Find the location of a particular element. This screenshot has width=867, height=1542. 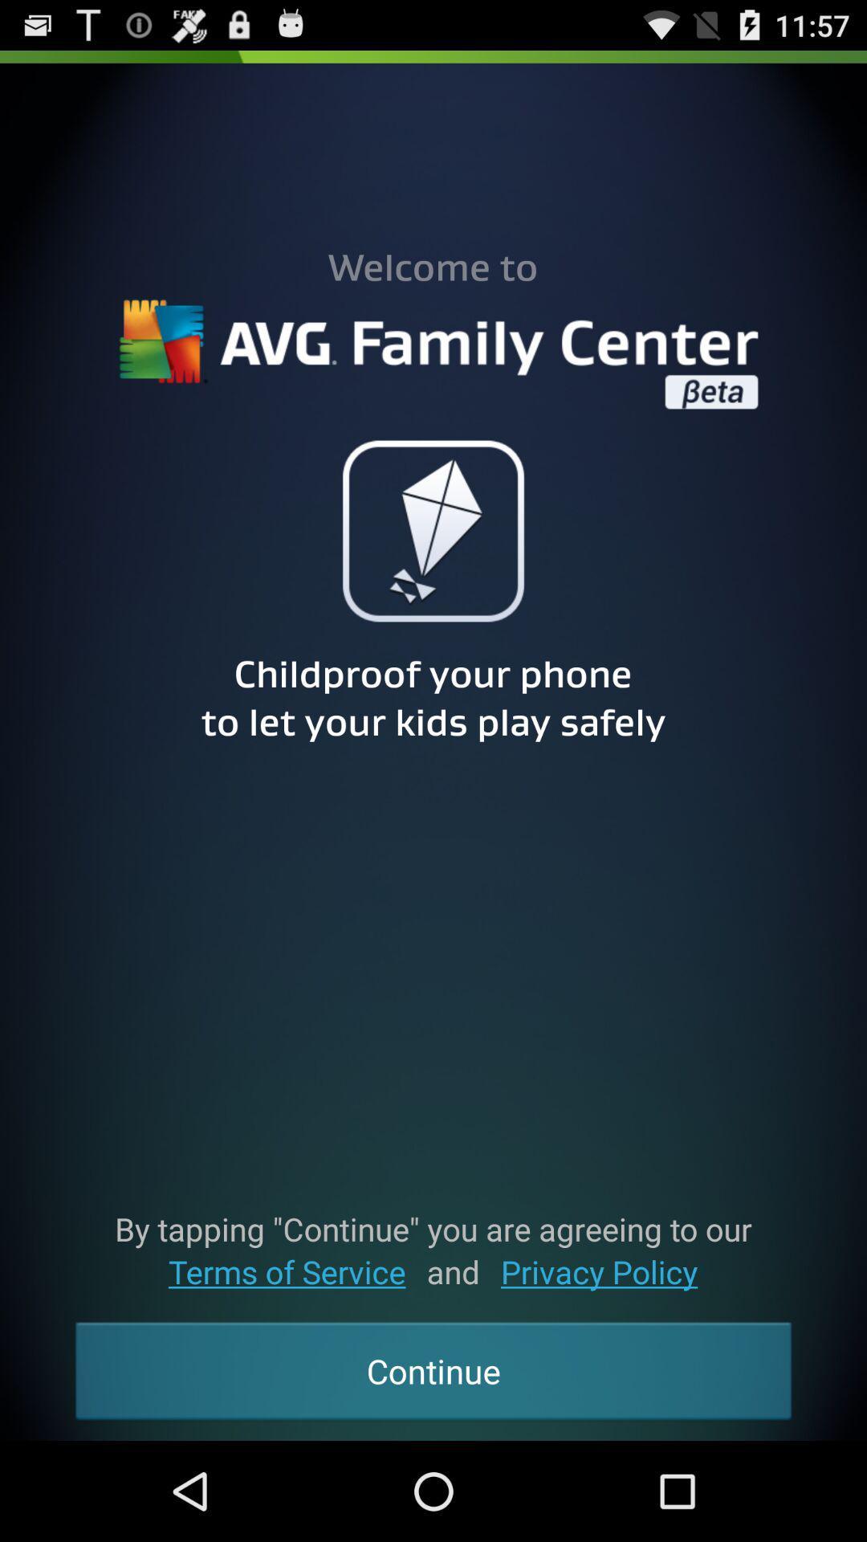

the privacy policy item is located at coordinates (599, 1271).